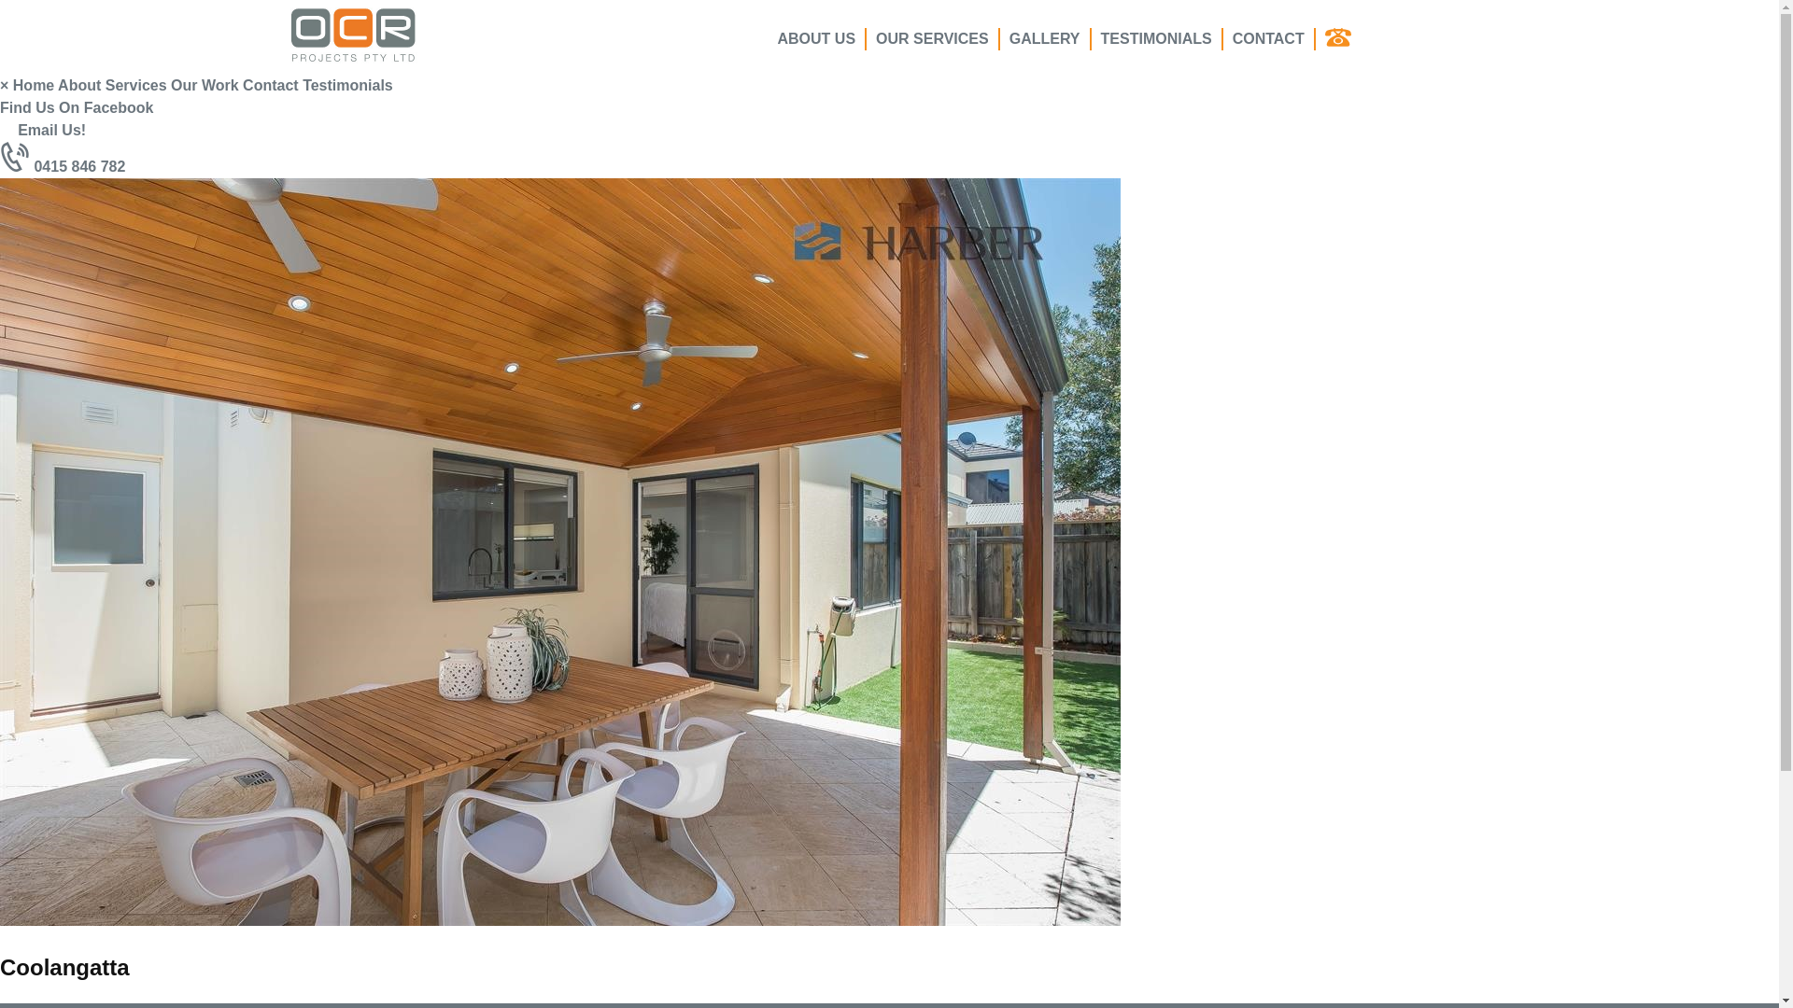 Image resolution: width=1793 pixels, height=1008 pixels. I want to click on ' ', so click(1339, 39).